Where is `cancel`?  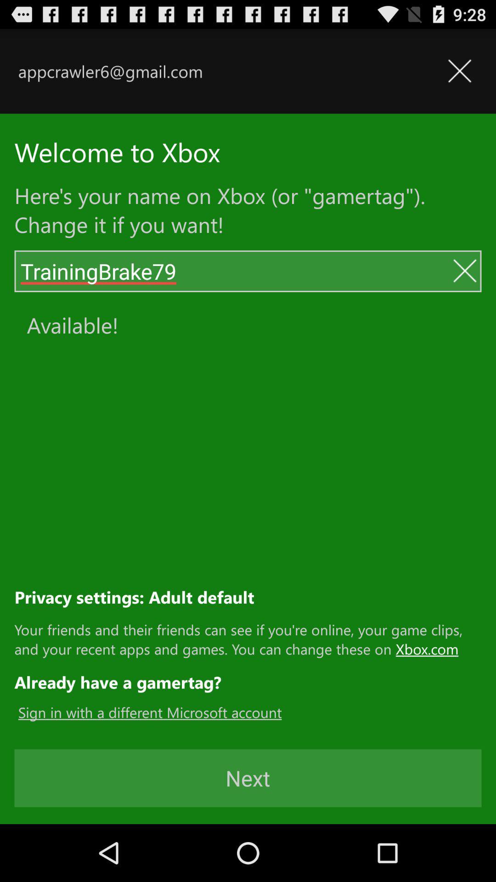 cancel is located at coordinates (464, 271).